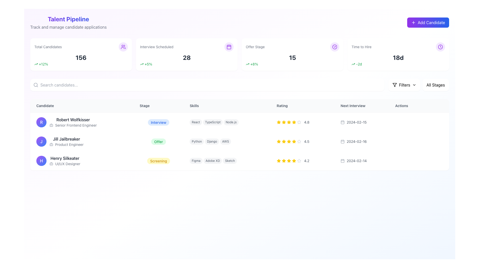 This screenshot has width=488, height=274. What do you see at coordinates (302, 161) in the screenshot?
I see `the rating score displayed as '4.2' in the Rating Display, which consists of five stars colored yellow and gray located in the 'Rating' column of Henry Silkeater's row` at bounding box center [302, 161].